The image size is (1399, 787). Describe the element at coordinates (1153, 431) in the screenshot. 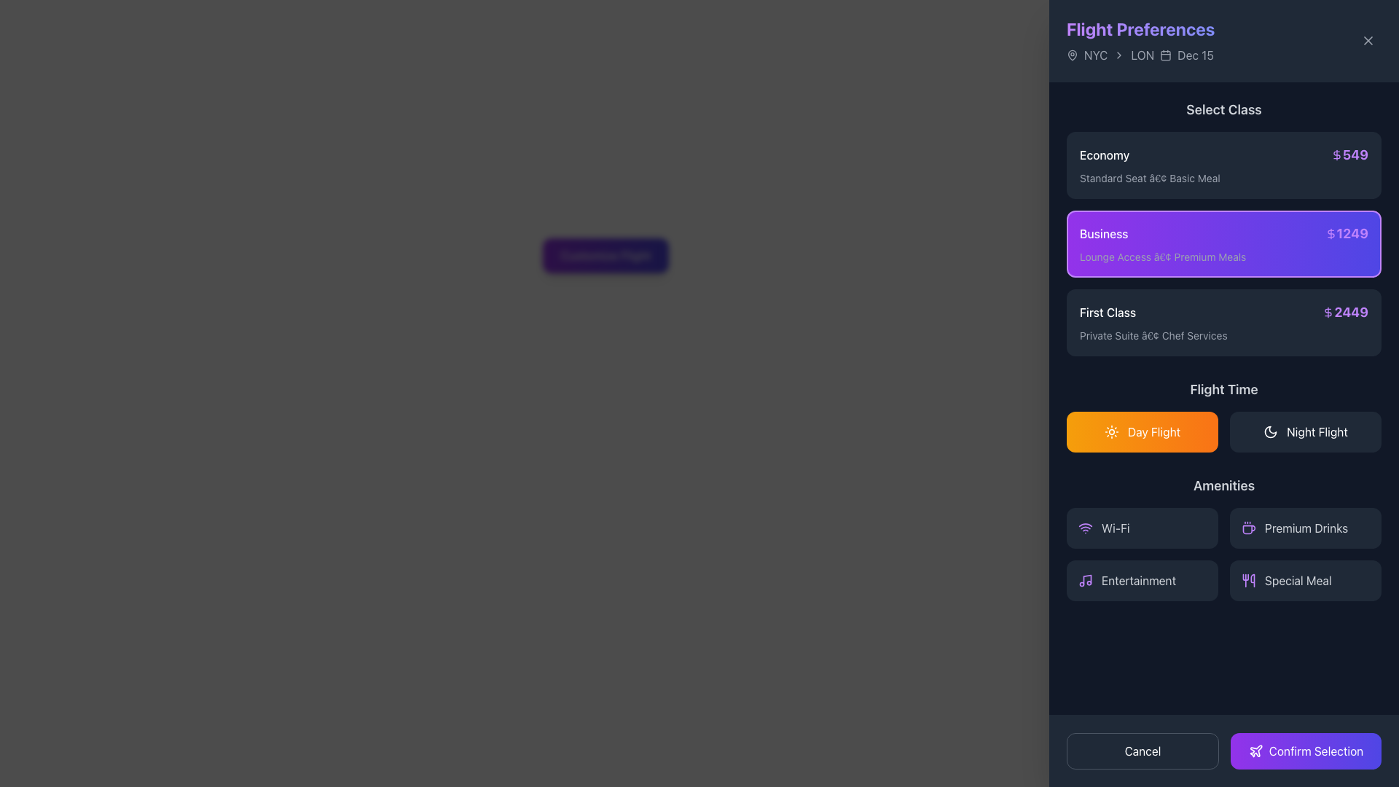

I see `the 'Day Flight' button in the 'Flight Time' section` at that location.